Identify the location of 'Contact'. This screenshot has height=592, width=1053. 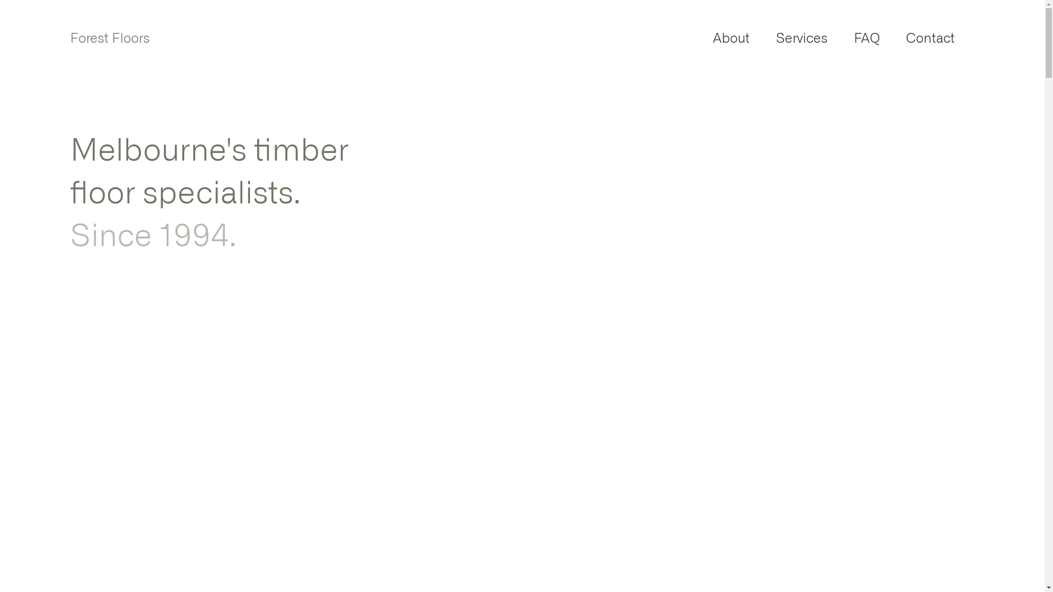
(892, 38).